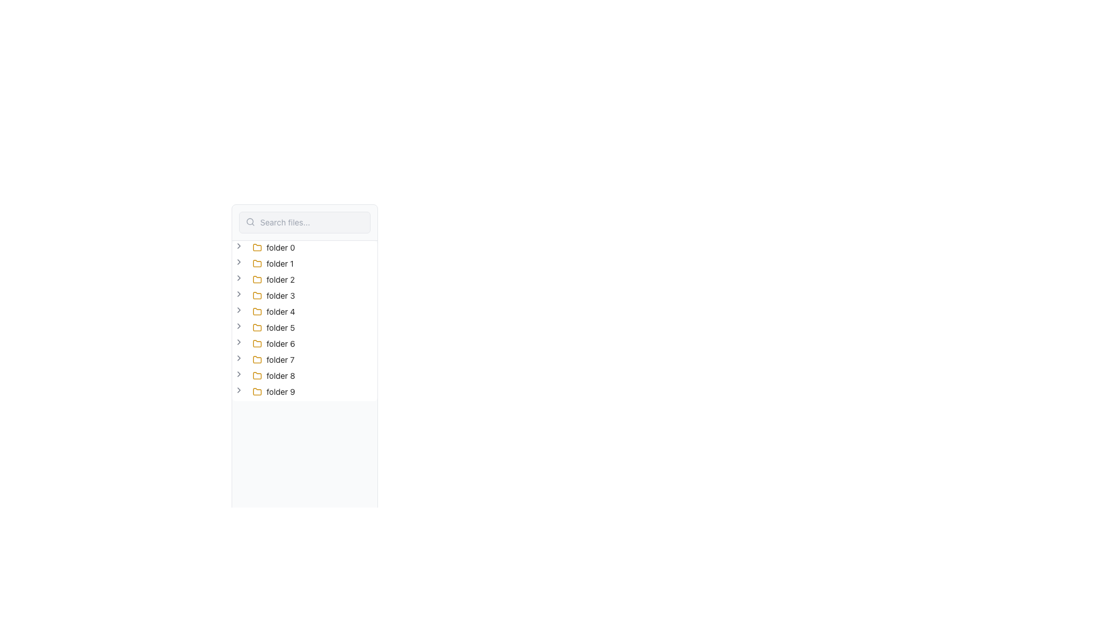  Describe the element at coordinates (280, 264) in the screenshot. I see `the label associated with the second folder in the vertical list, located` at that location.